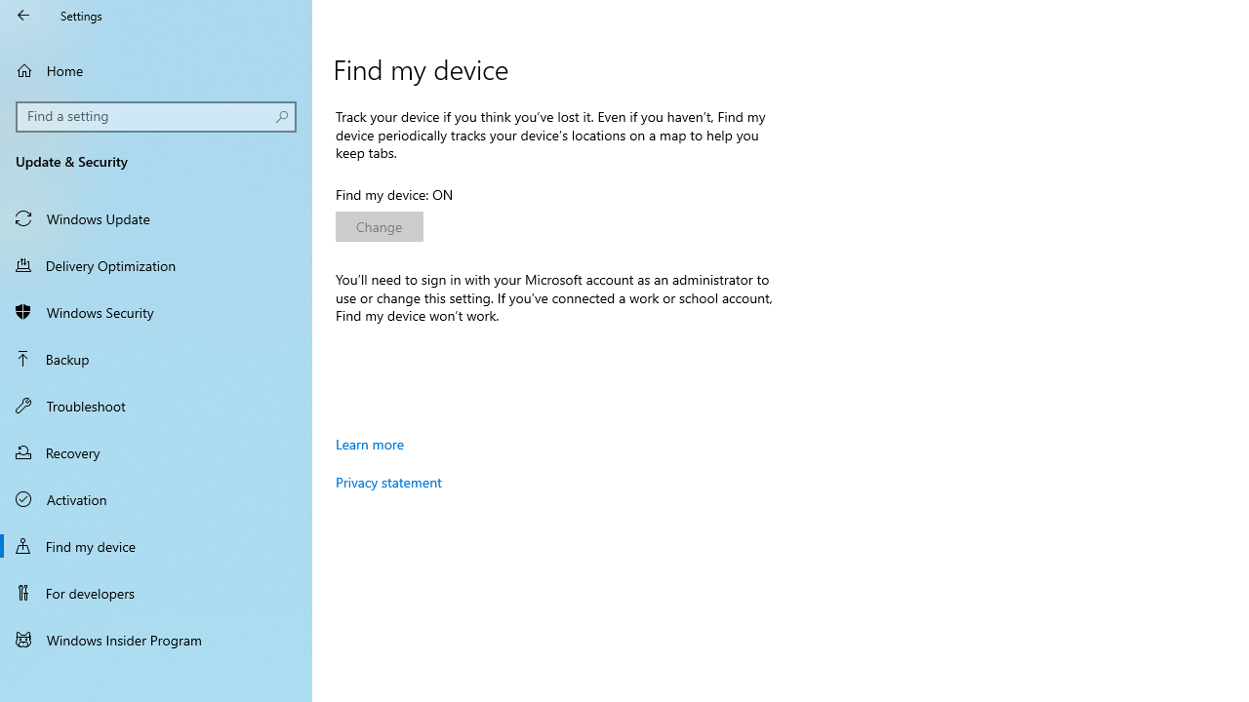 The height and width of the screenshot is (702, 1249). I want to click on 'Change', so click(380, 225).